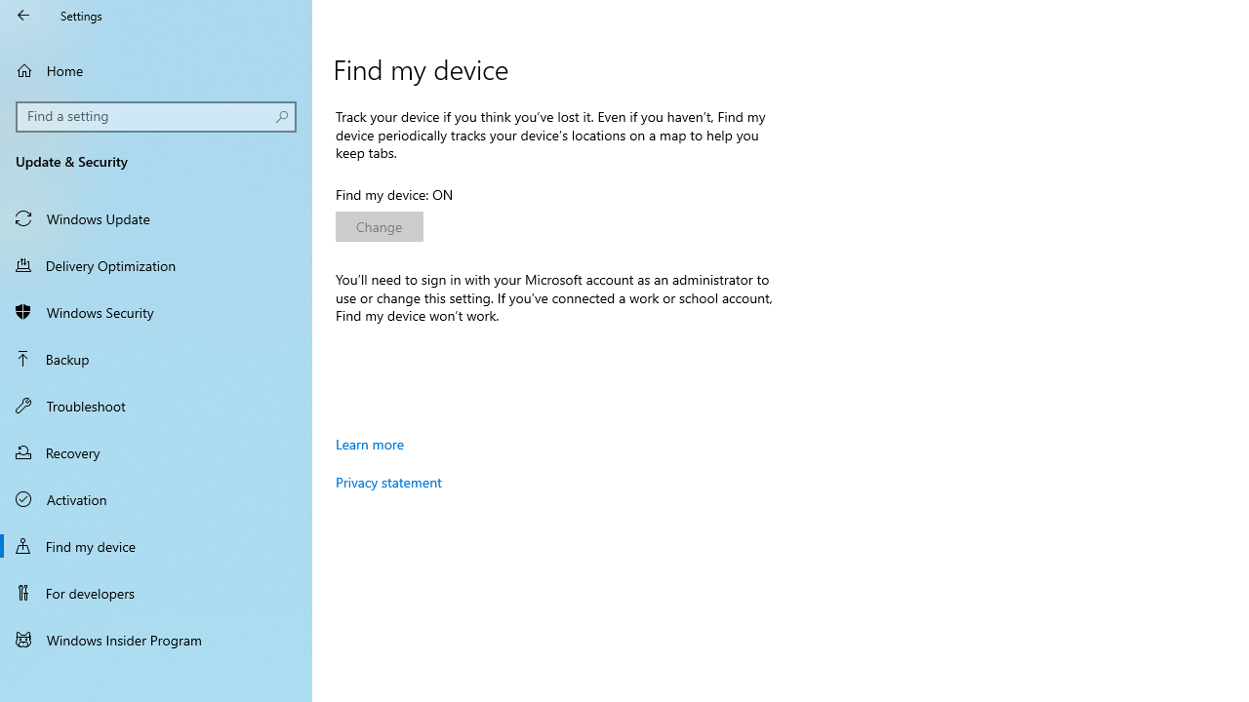 The height and width of the screenshot is (702, 1249). I want to click on 'Change', so click(380, 225).